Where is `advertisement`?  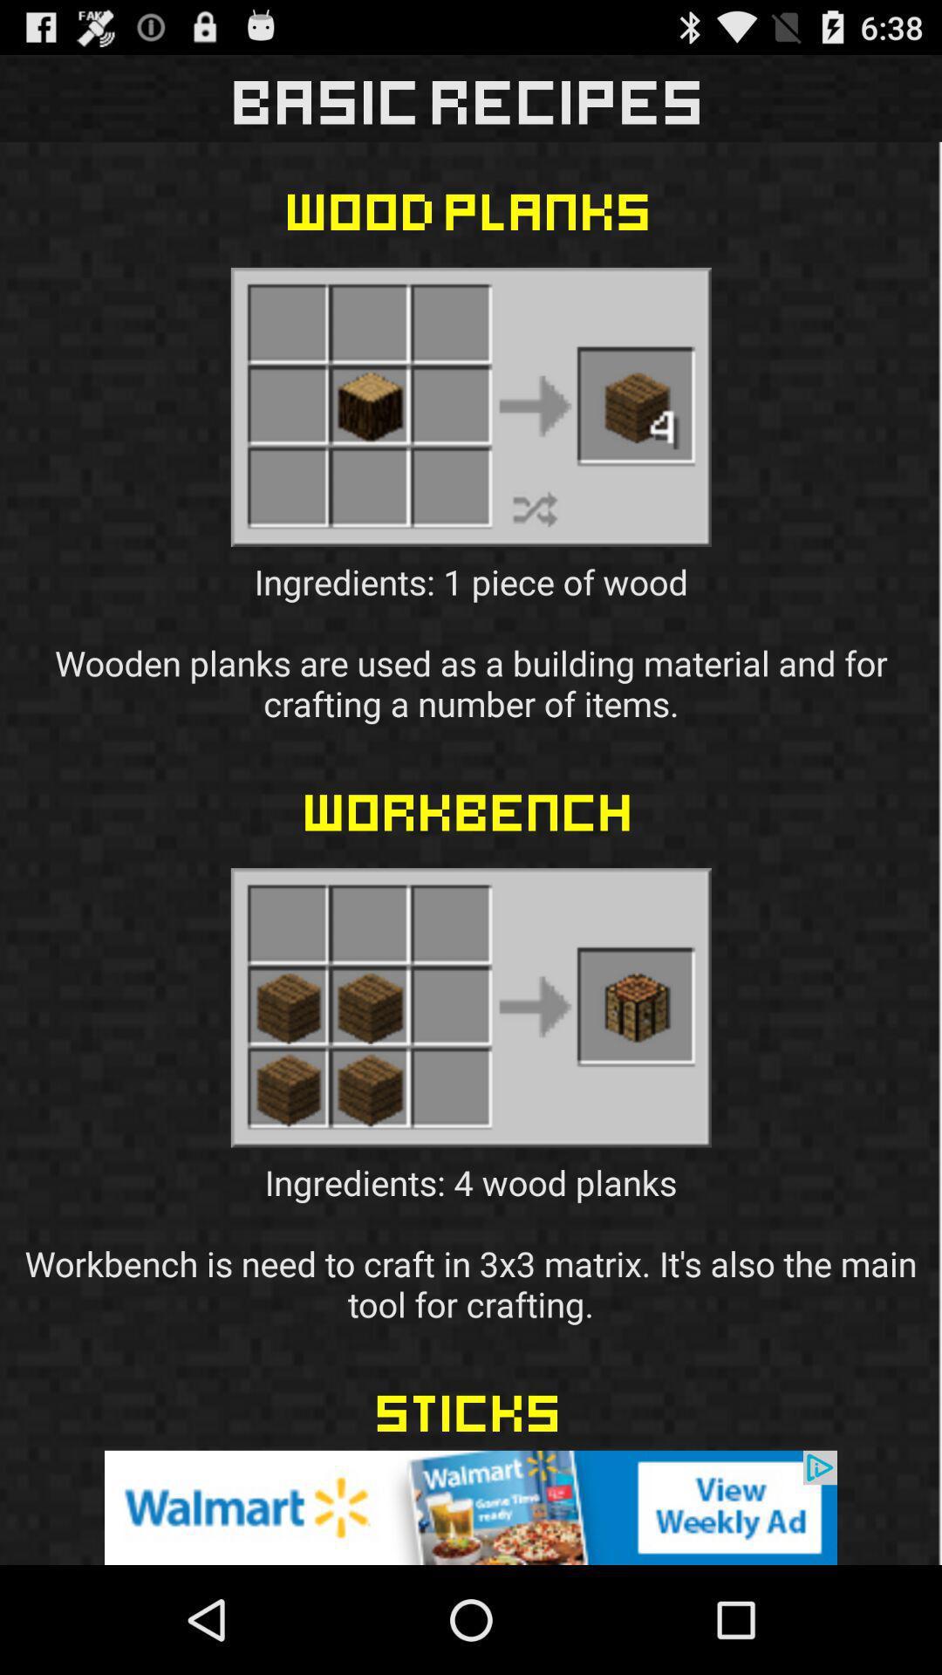 advertisement is located at coordinates (471, 1507).